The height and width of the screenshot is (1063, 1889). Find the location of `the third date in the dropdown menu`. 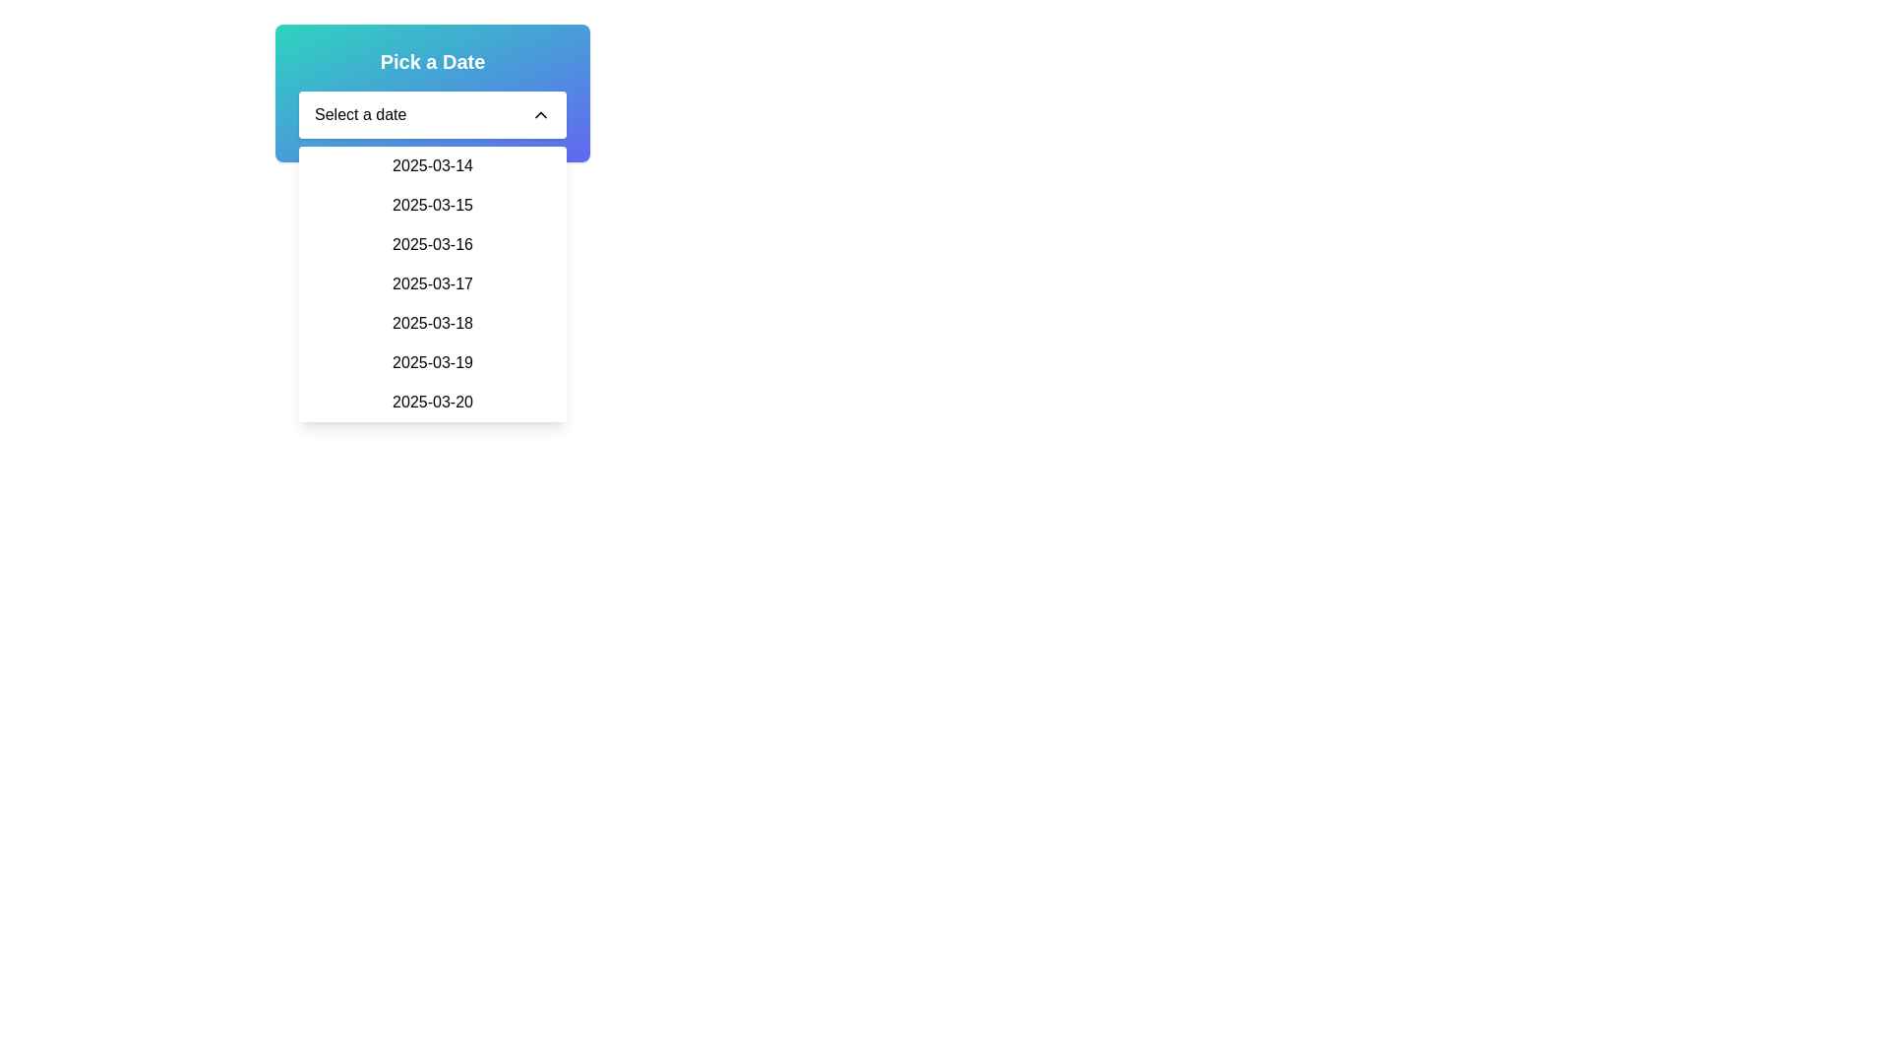

the third date in the dropdown menu is located at coordinates (432, 244).